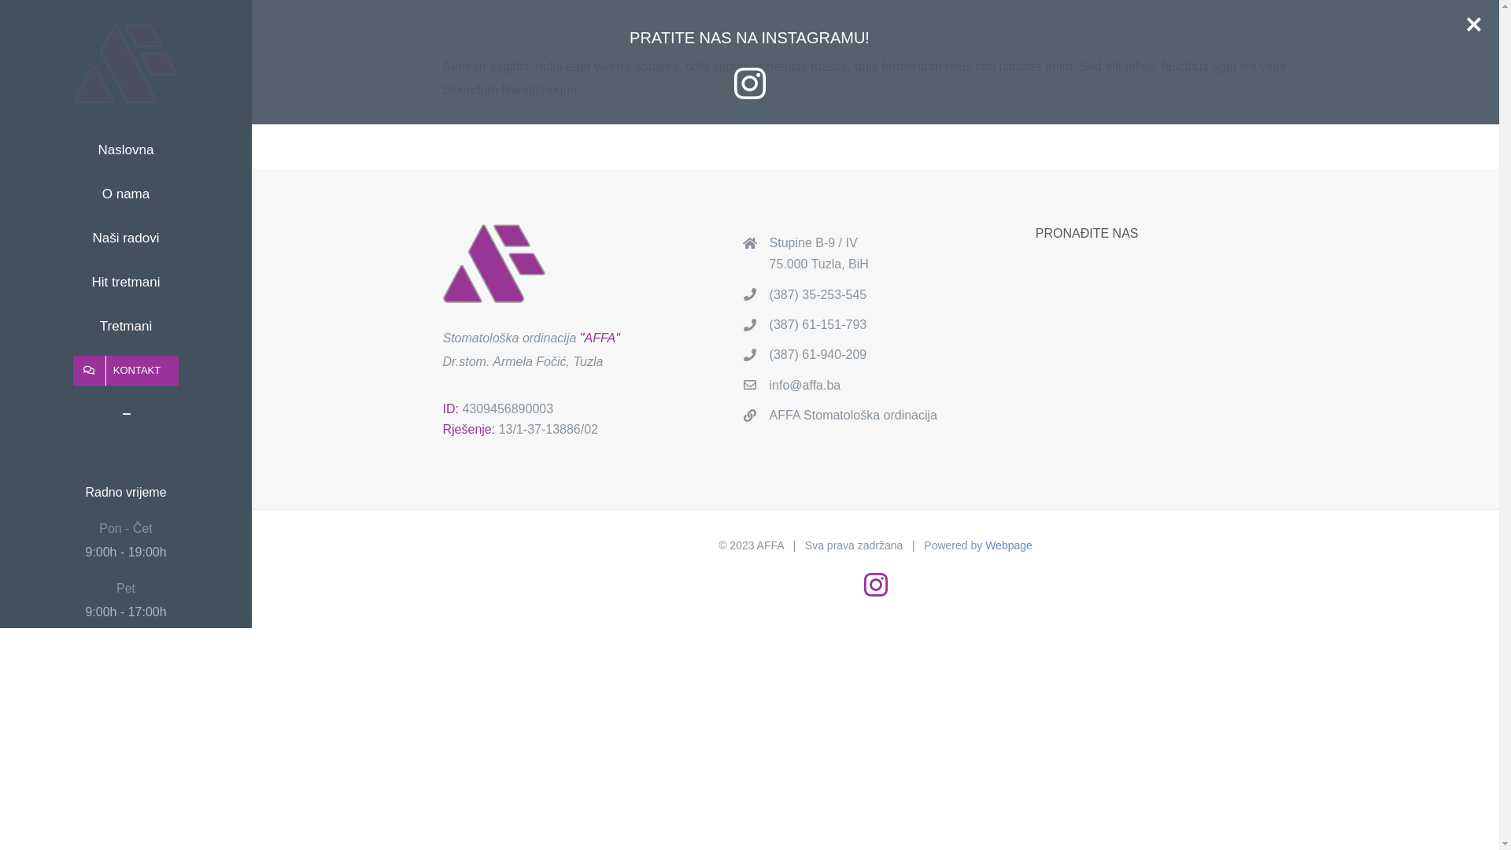 The width and height of the screenshot is (1511, 850). I want to click on 'KONTAKT', so click(124, 370).